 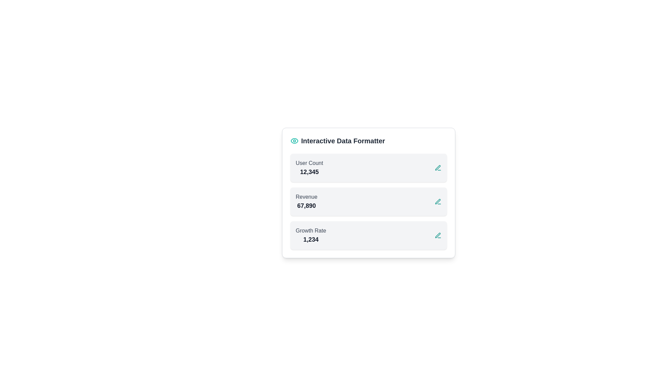 I want to click on the text label displaying 'Revenue' in bold gray font, located in the second section of the 'Interactive Data Formatter' panel, above the numeric value '67,890', so click(x=306, y=197).